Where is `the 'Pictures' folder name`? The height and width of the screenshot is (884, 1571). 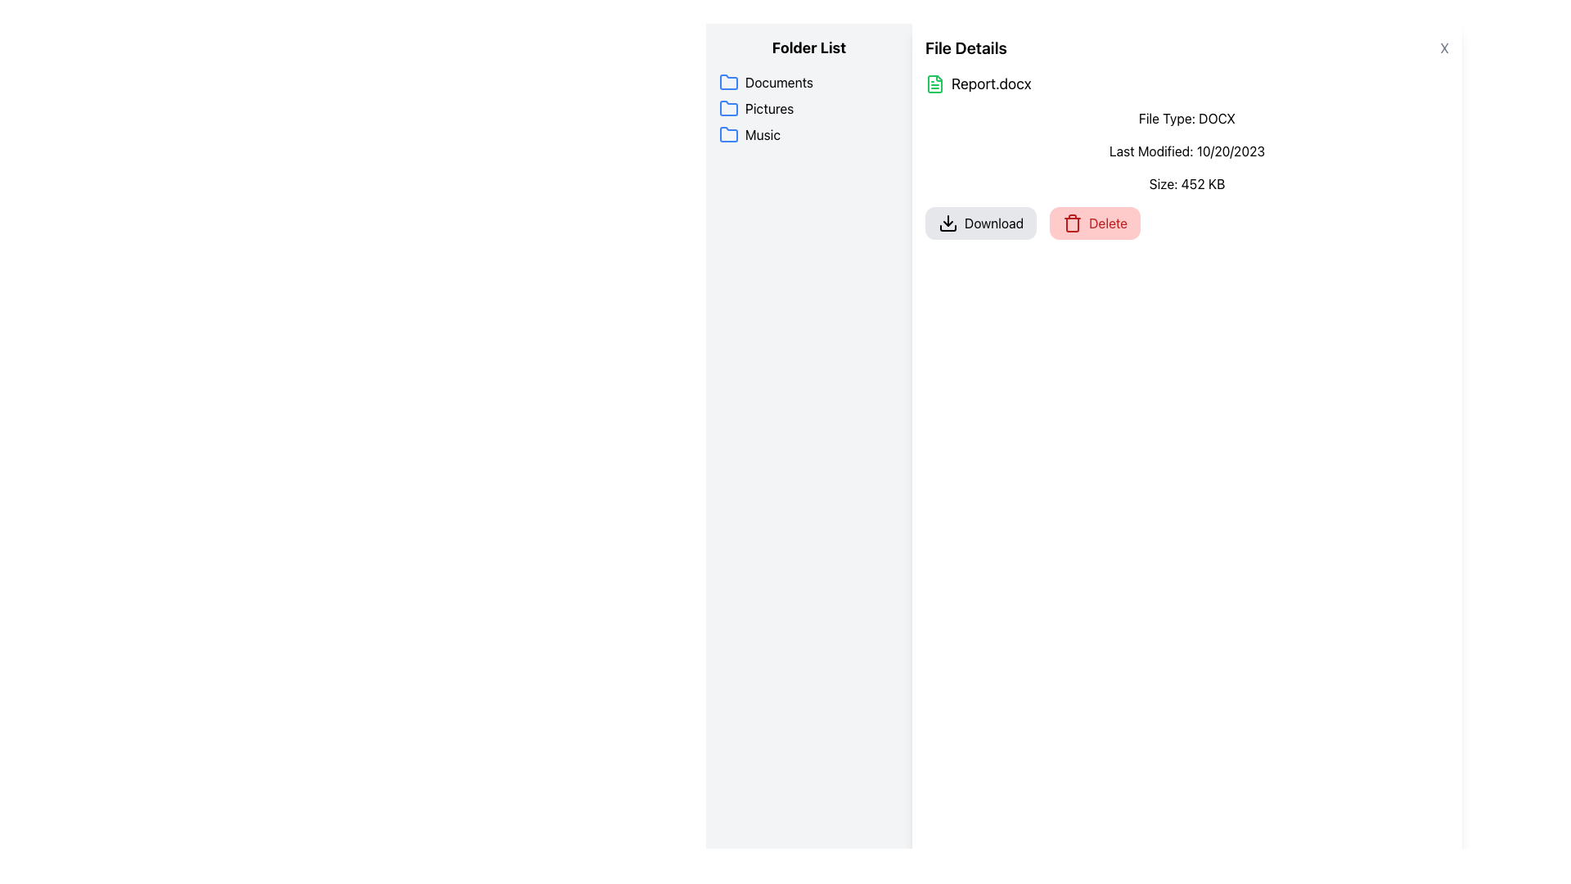 the 'Pictures' folder name is located at coordinates (808, 108).